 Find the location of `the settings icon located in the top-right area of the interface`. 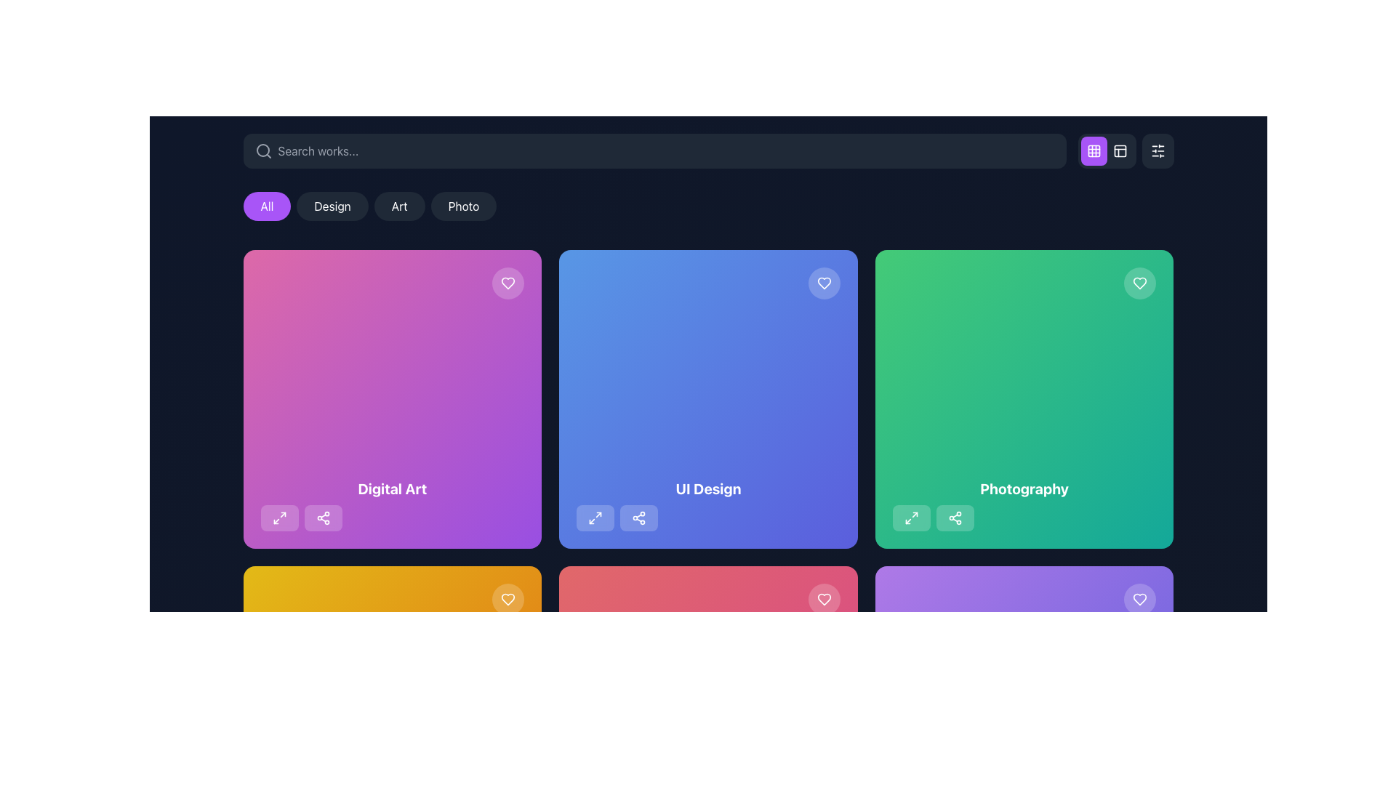

the settings icon located in the top-right area of the interface is located at coordinates (1157, 151).